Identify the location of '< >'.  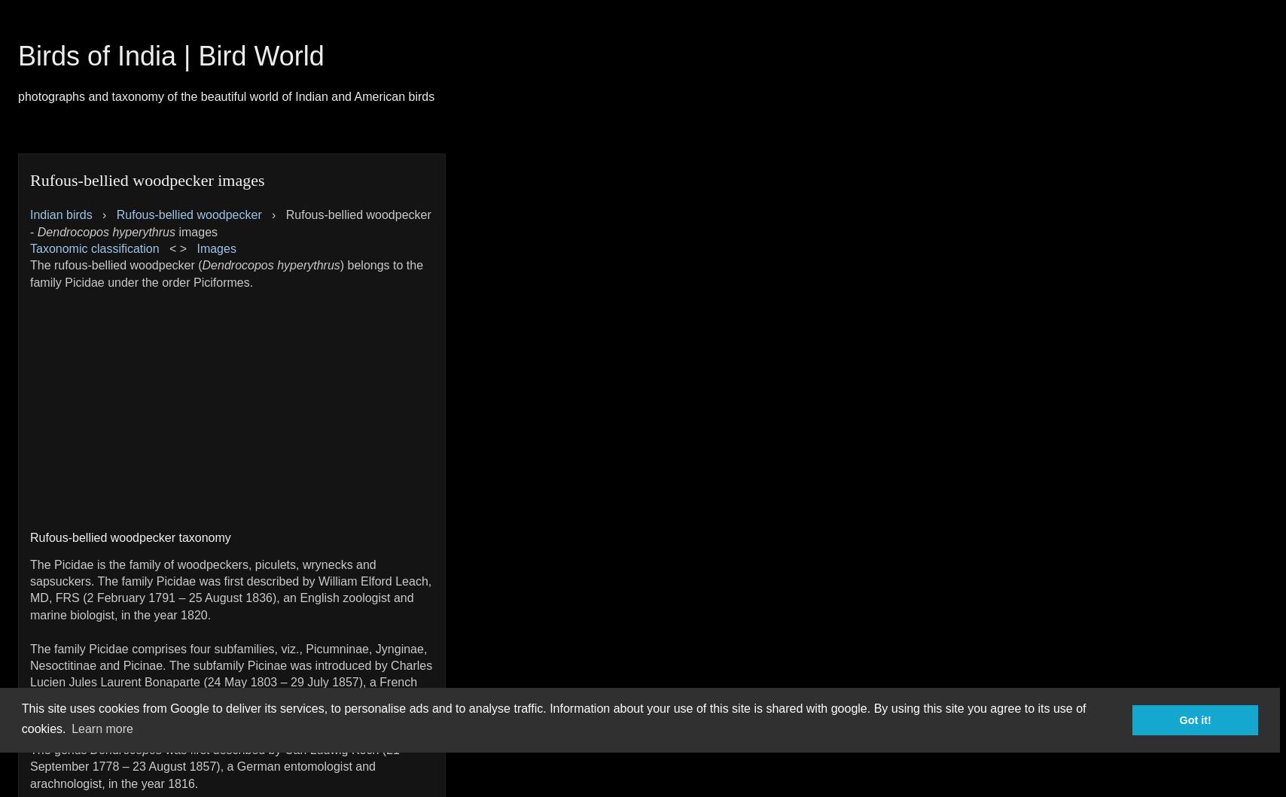
(177, 248).